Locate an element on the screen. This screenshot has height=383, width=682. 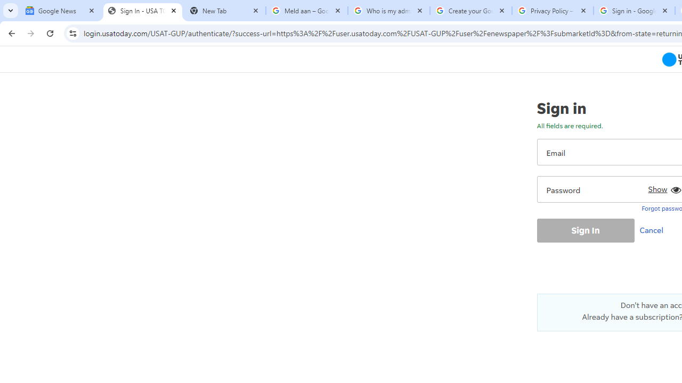
'Show' is located at coordinates (662, 187).